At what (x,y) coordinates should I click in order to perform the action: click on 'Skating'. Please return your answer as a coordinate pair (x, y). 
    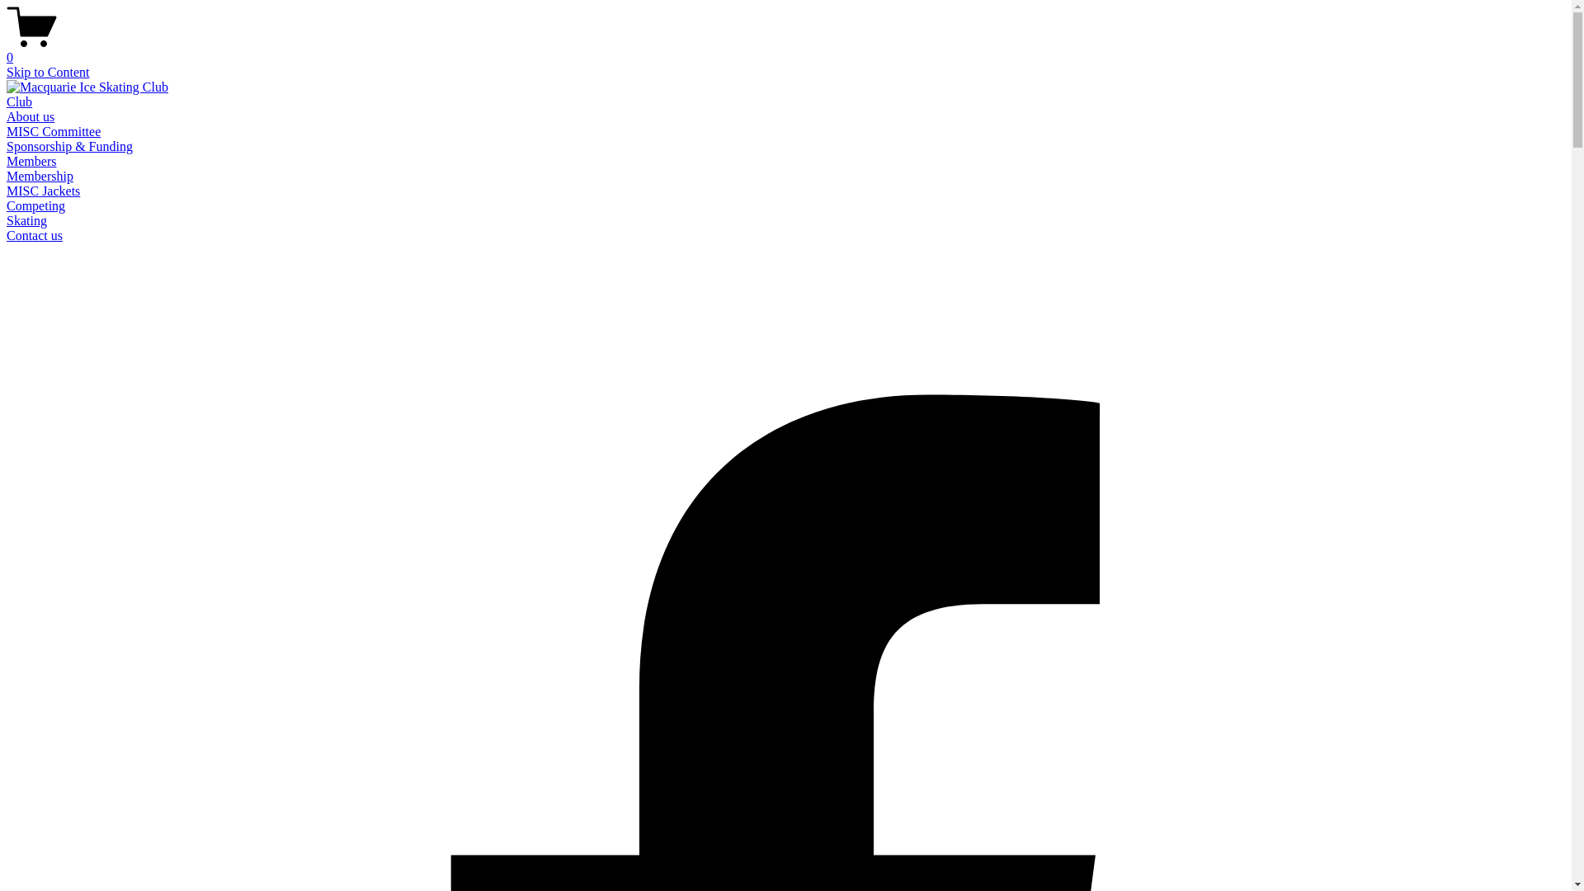
    Looking at the image, I should click on (7, 219).